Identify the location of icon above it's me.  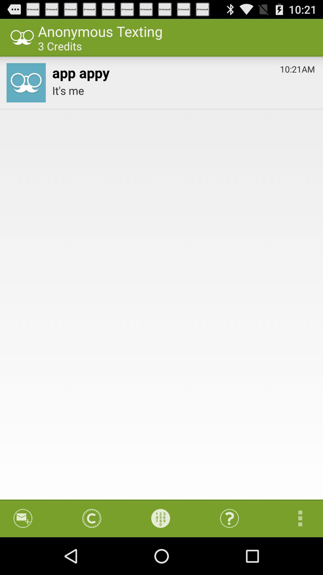
(81, 71).